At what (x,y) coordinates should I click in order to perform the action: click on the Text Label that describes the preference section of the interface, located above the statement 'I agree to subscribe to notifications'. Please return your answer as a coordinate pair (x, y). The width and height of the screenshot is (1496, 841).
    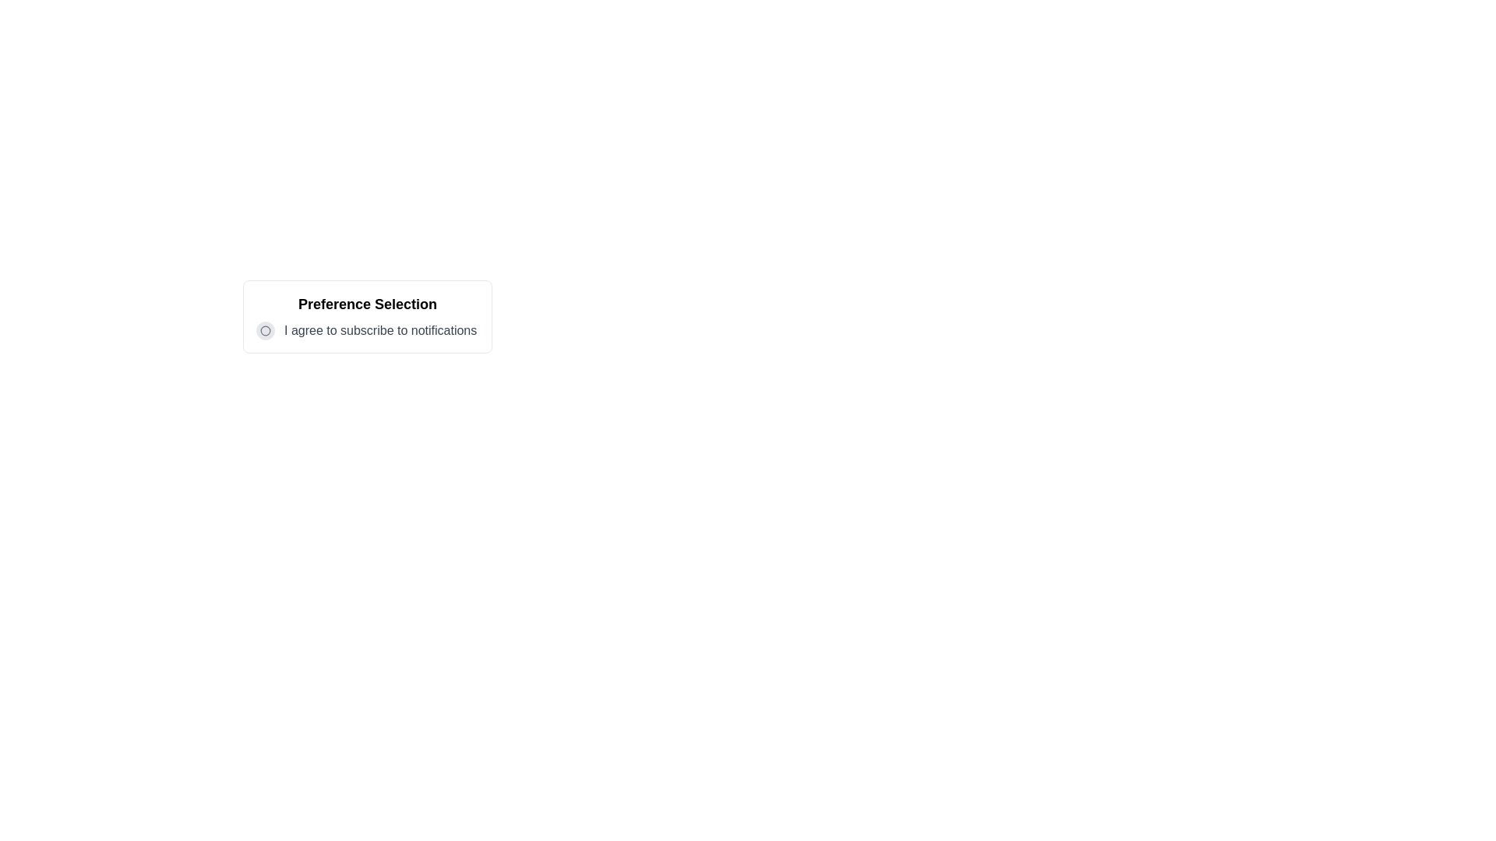
    Looking at the image, I should click on (366, 304).